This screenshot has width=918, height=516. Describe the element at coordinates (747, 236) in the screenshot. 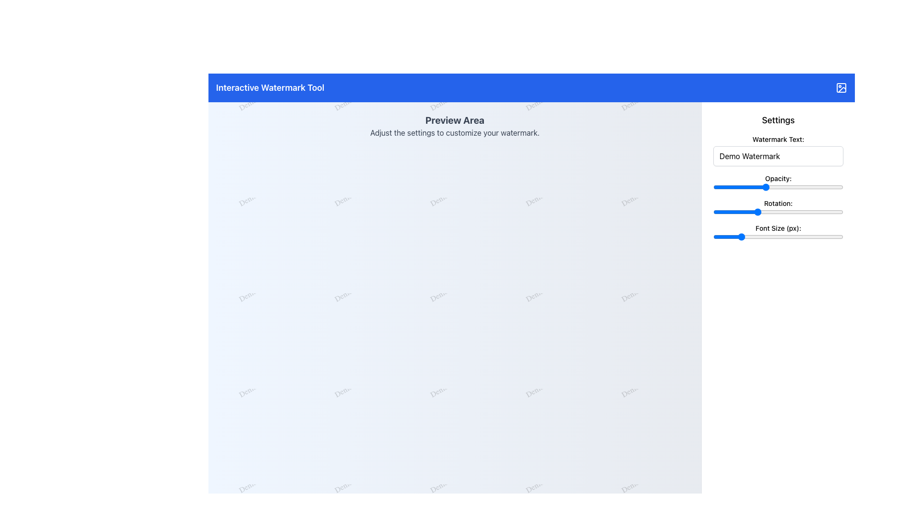

I see `font size` at that location.